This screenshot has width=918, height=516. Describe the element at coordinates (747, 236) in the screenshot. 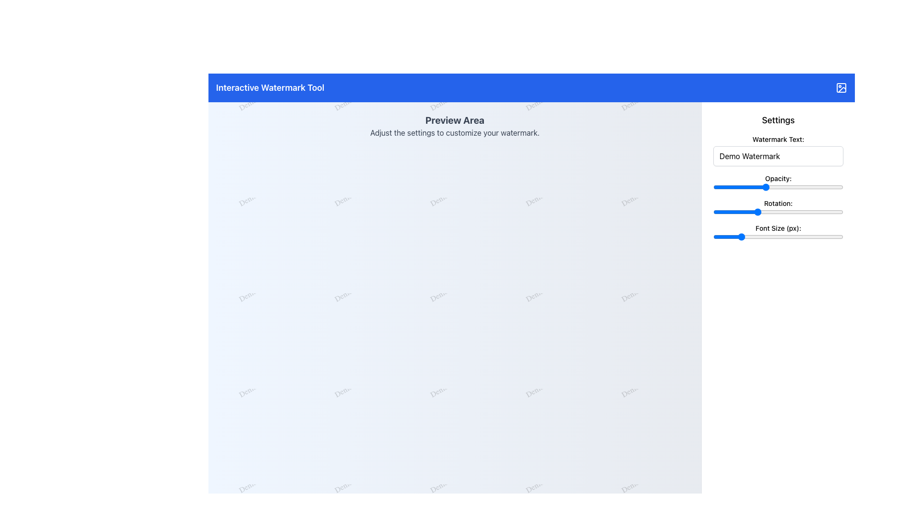

I see `font size` at that location.